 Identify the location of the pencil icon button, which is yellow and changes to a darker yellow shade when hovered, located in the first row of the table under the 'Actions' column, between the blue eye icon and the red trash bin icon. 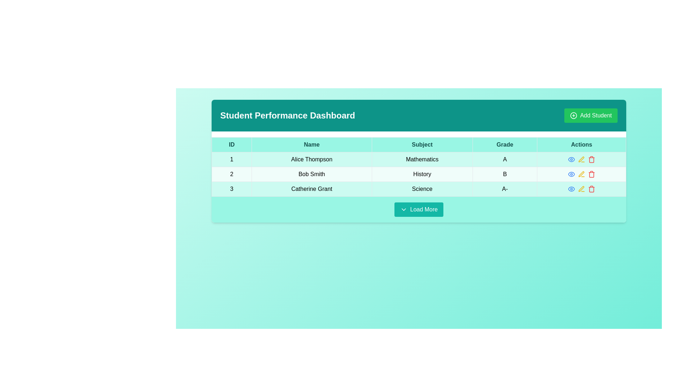
(582, 159).